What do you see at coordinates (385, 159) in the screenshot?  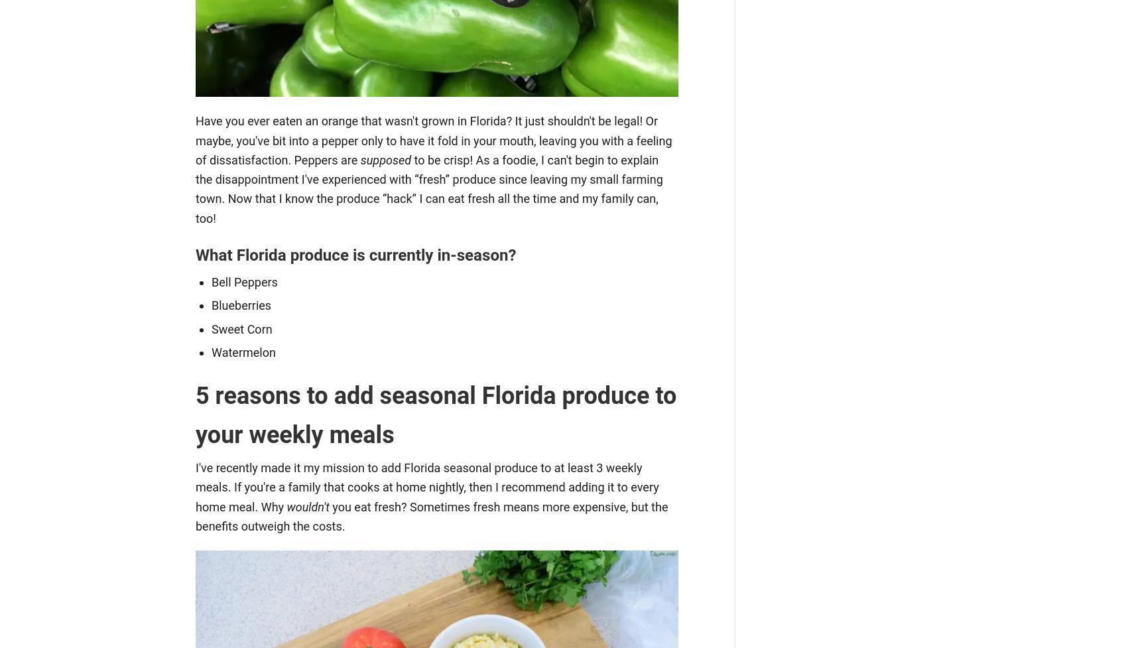 I see `'supposed'` at bounding box center [385, 159].